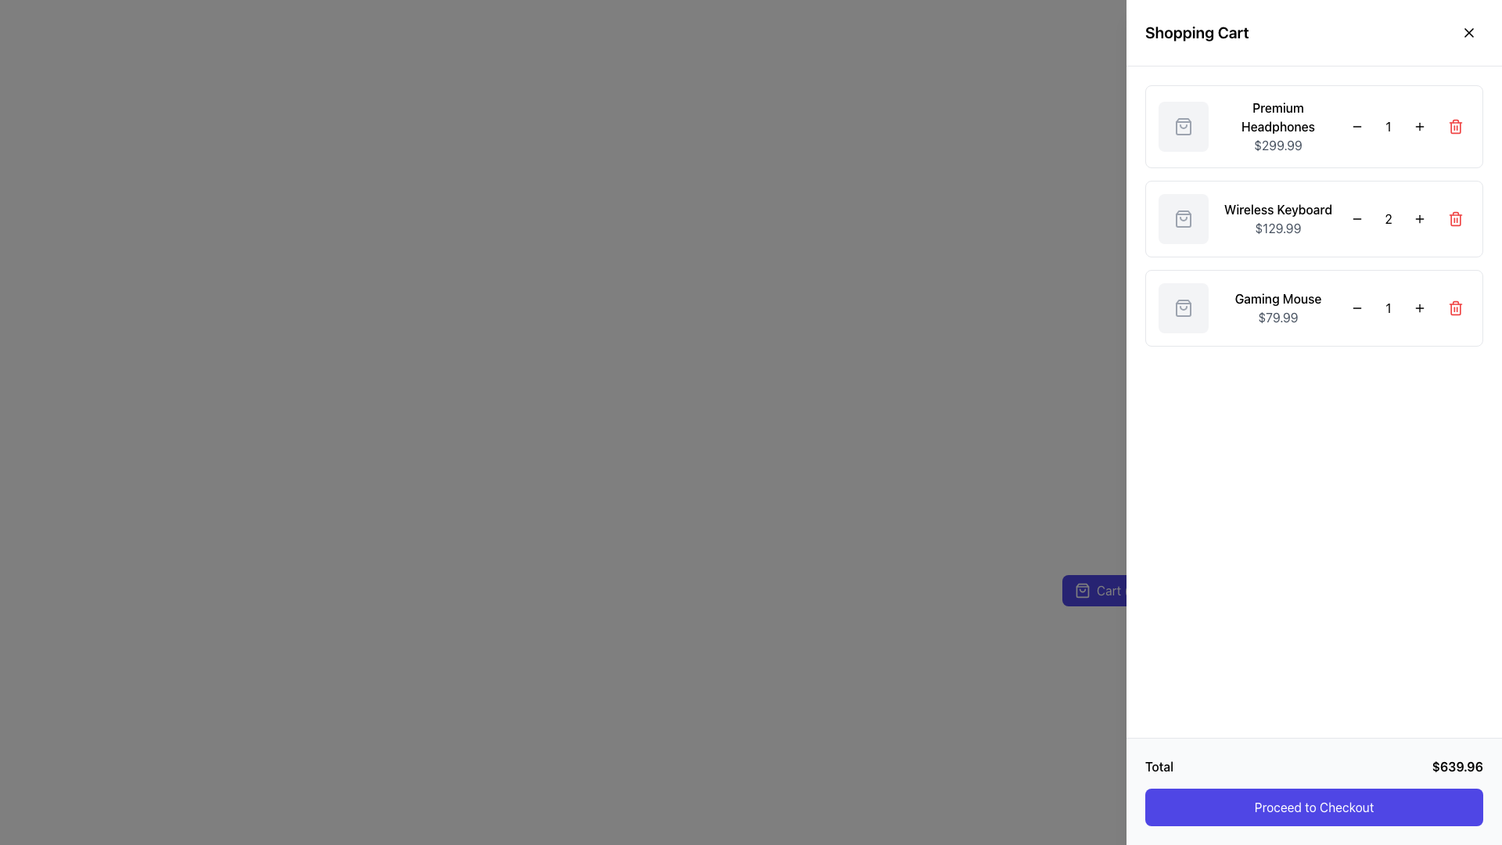 This screenshot has height=845, width=1502. What do you see at coordinates (1455, 219) in the screenshot?
I see `the red trash icon button located on the far right of the row displaying the 'Wireless Keyboard' in the shopping cart` at bounding box center [1455, 219].